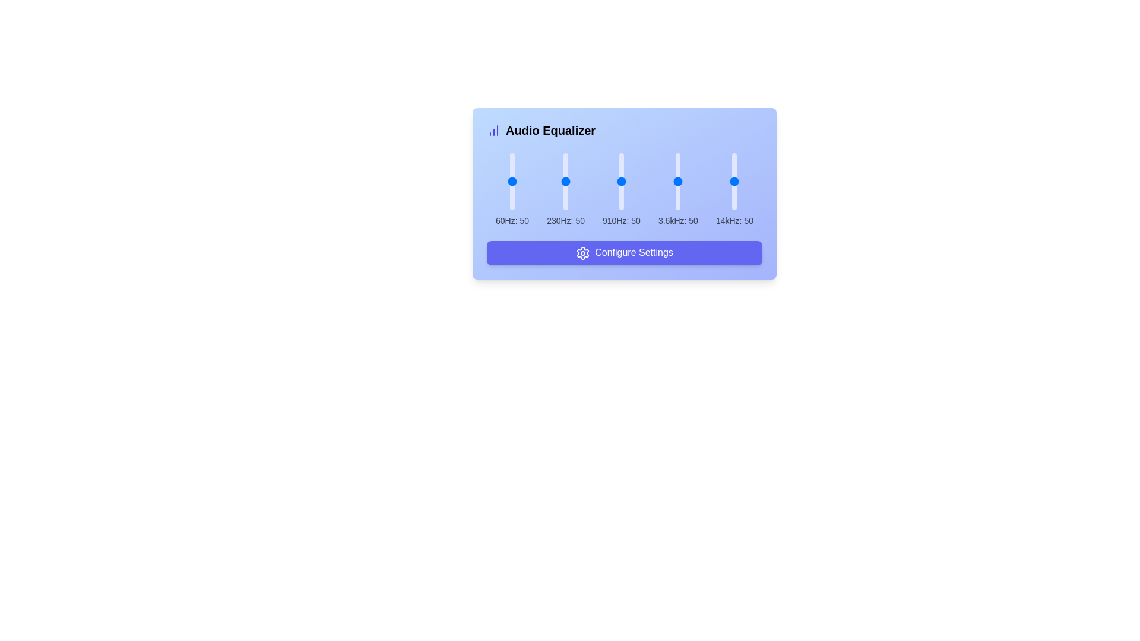 This screenshot has width=1140, height=641. What do you see at coordinates (512, 189) in the screenshot?
I see `the circular thumb of the vertical slider for the '60Hz' frequency` at bounding box center [512, 189].